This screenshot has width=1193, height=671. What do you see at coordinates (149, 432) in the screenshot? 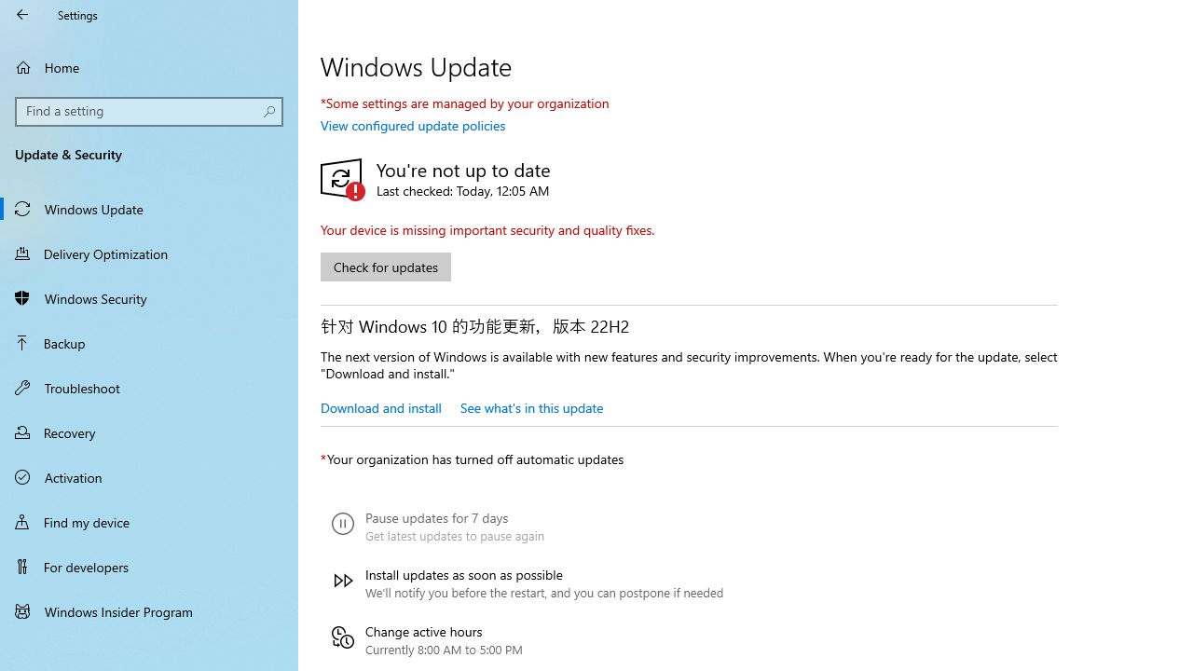
I see `'Recovery'` at bounding box center [149, 432].